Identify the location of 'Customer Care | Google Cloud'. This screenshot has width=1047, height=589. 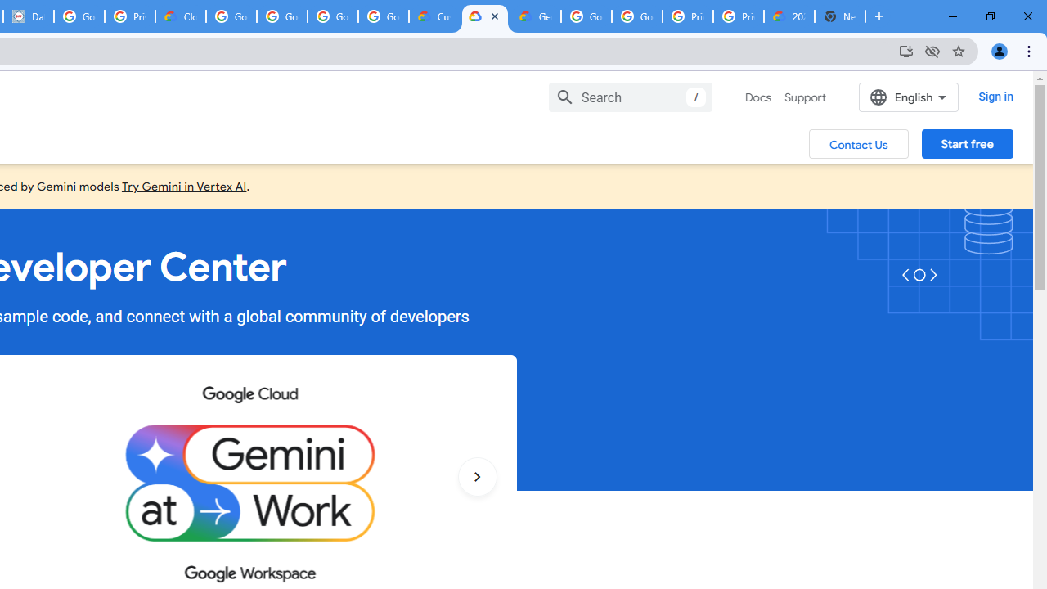
(434, 16).